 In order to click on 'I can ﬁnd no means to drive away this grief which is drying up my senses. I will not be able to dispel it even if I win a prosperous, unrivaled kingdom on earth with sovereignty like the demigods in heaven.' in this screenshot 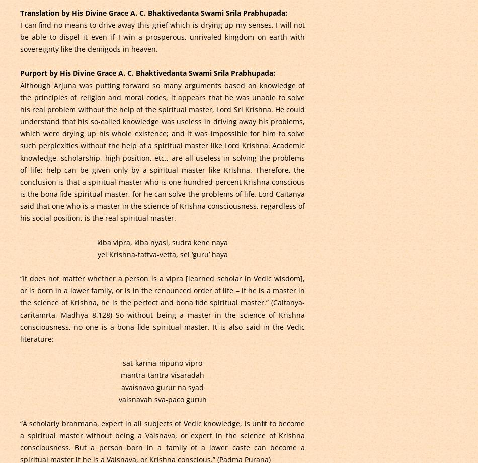, I will do `click(162, 36)`.